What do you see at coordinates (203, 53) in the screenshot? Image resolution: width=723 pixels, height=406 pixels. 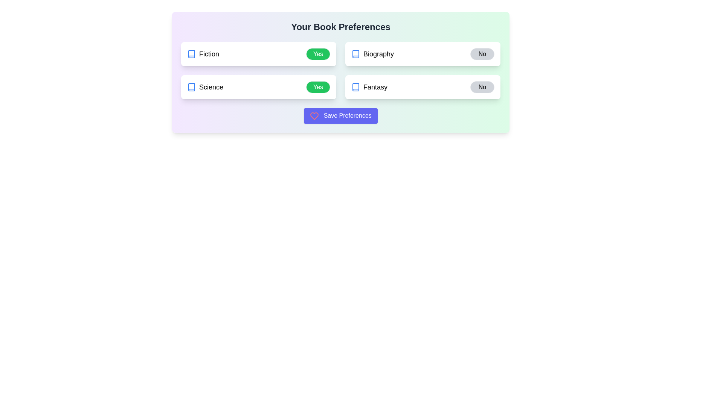 I see `the Fiction to observe feedback` at bounding box center [203, 53].